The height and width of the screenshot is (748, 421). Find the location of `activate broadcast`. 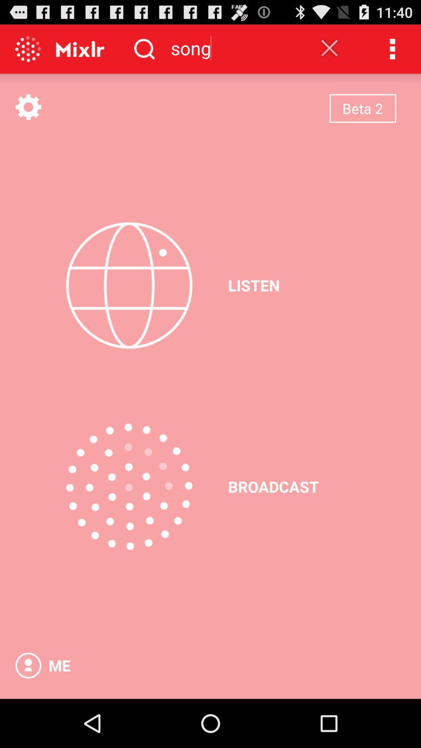

activate broadcast is located at coordinates (129, 486).